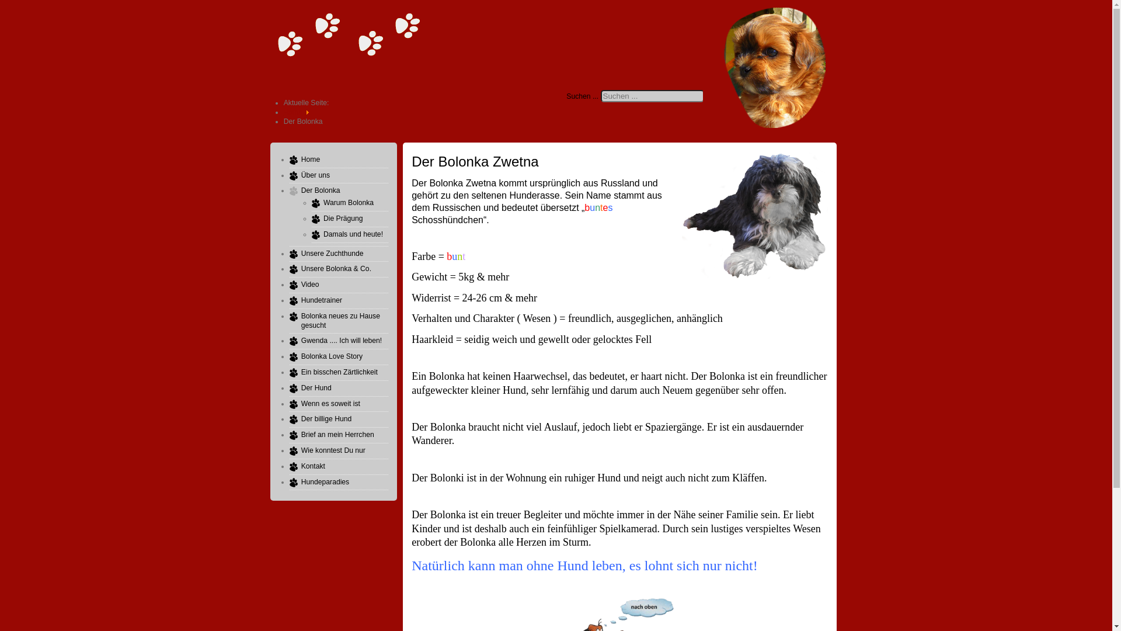  What do you see at coordinates (310, 284) in the screenshot?
I see `'Video'` at bounding box center [310, 284].